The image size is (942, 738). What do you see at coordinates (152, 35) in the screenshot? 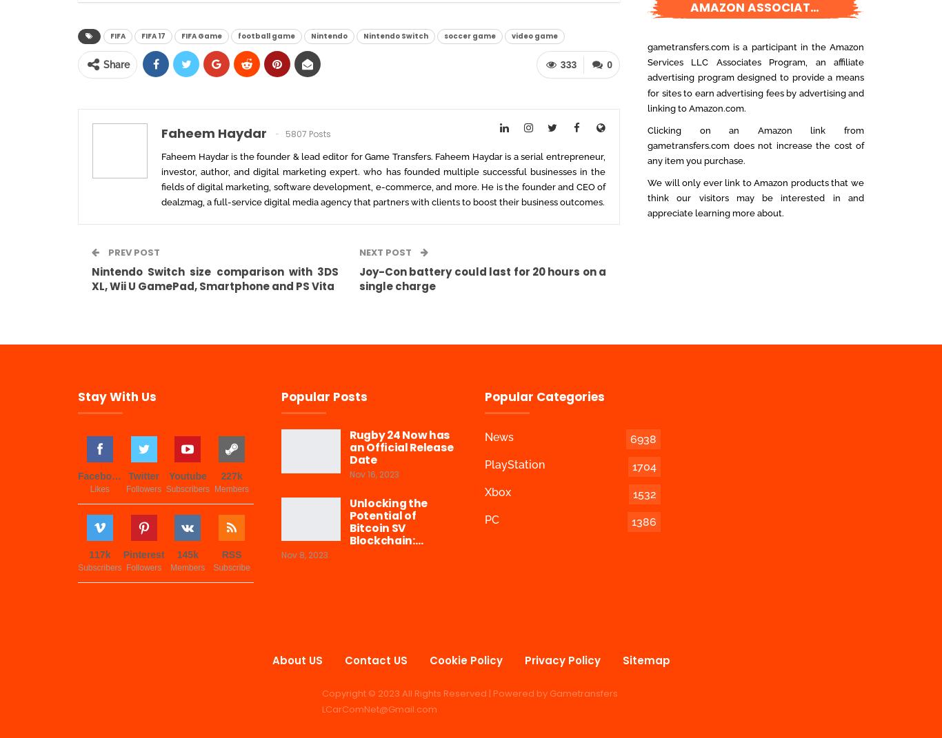
I see `'FIFA 17'` at bounding box center [152, 35].